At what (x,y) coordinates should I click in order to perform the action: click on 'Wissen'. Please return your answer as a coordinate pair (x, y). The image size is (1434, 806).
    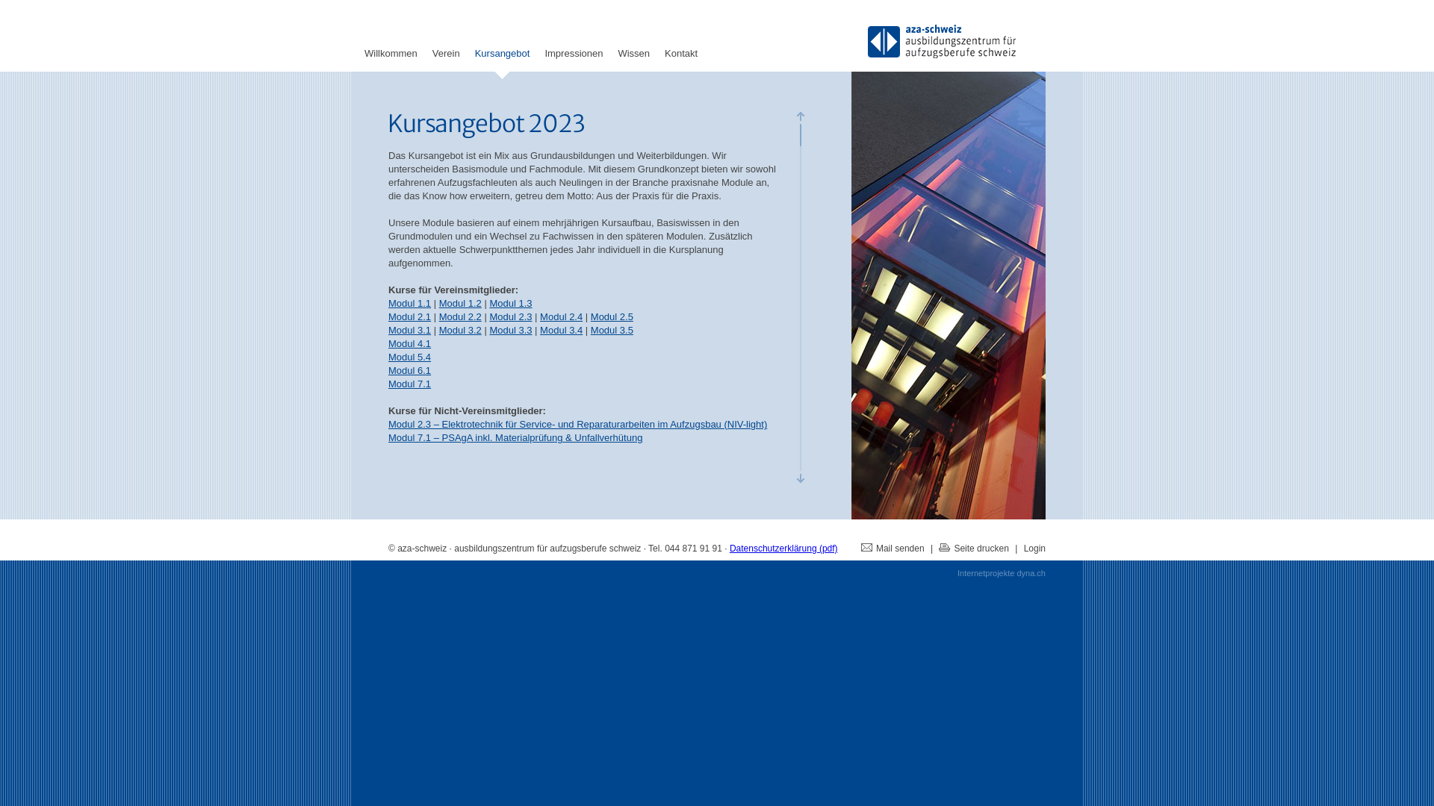
    Looking at the image, I should click on (633, 66).